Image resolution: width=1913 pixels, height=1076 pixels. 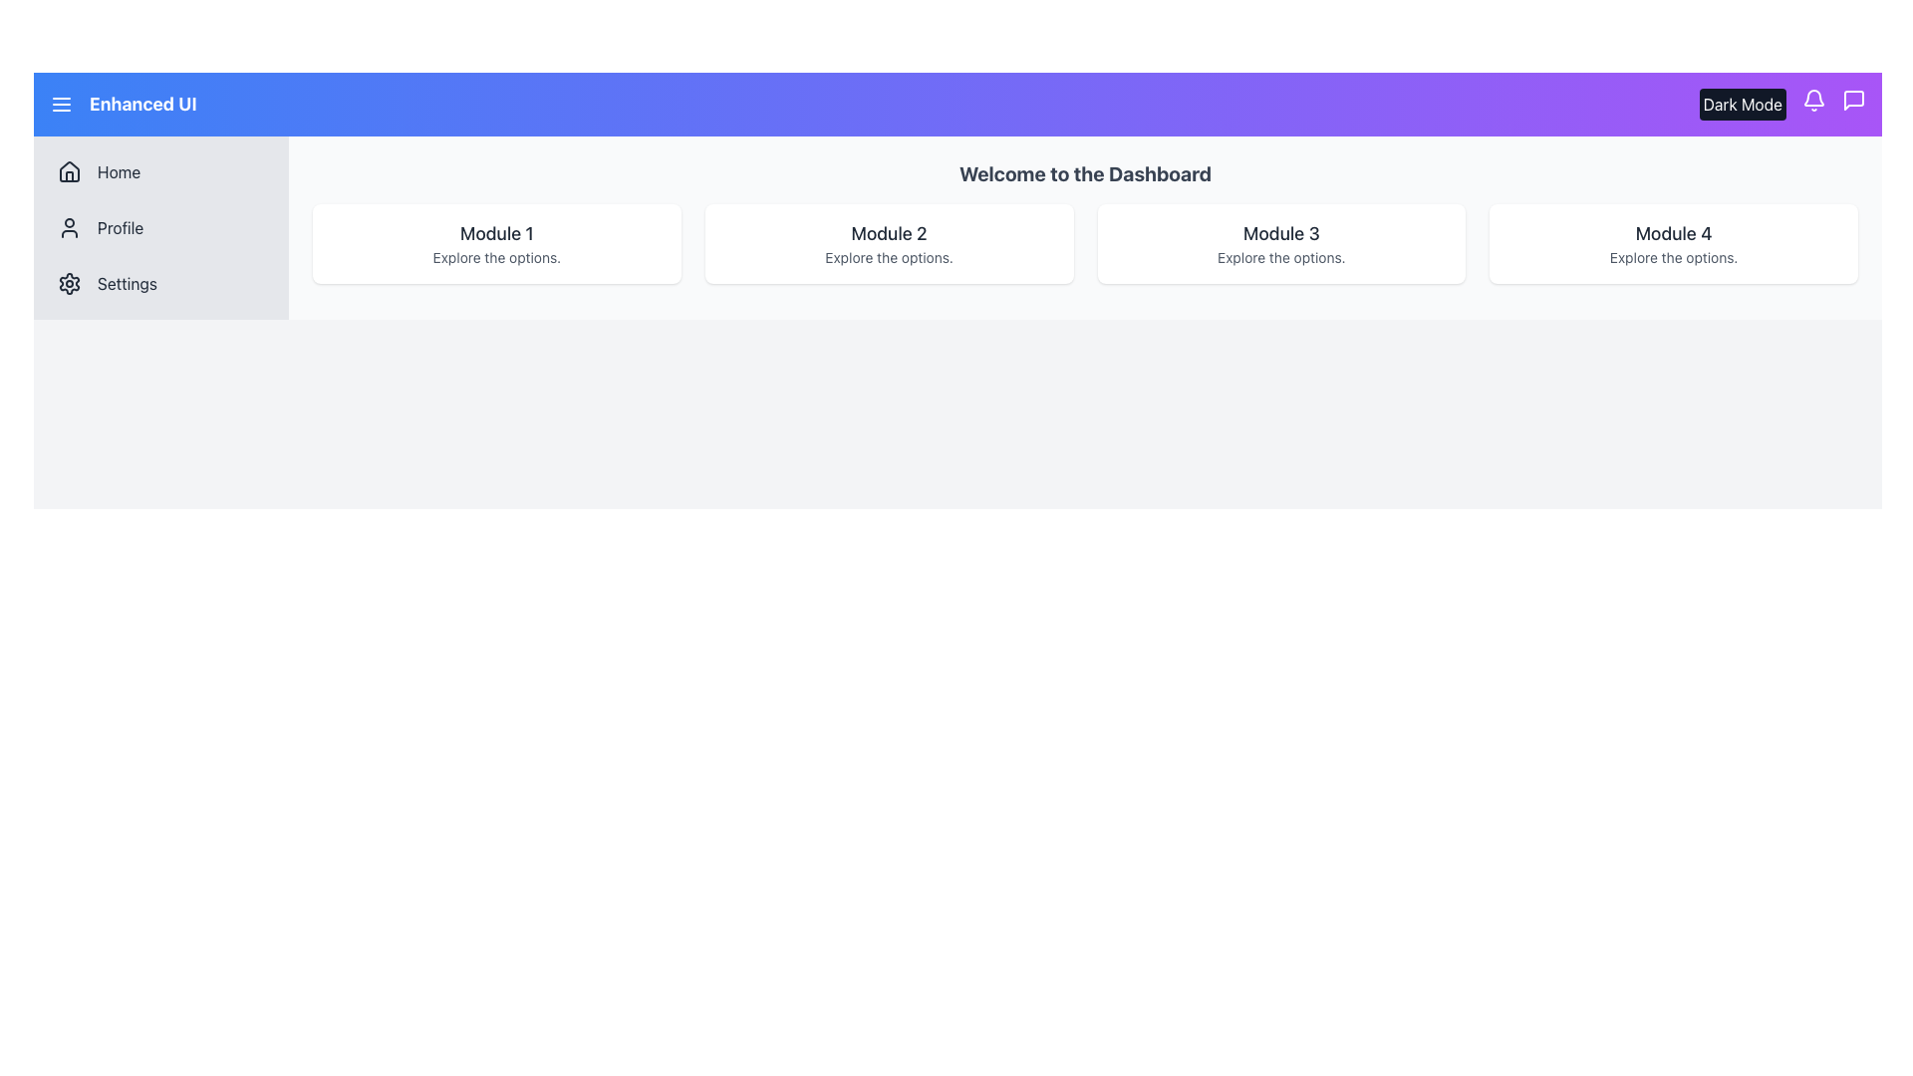 What do you see at coordinates (118, 171) in the screenshot?
I see `the 'Home' text label in the vertical navigation menu` at bounding box center [118, 171].